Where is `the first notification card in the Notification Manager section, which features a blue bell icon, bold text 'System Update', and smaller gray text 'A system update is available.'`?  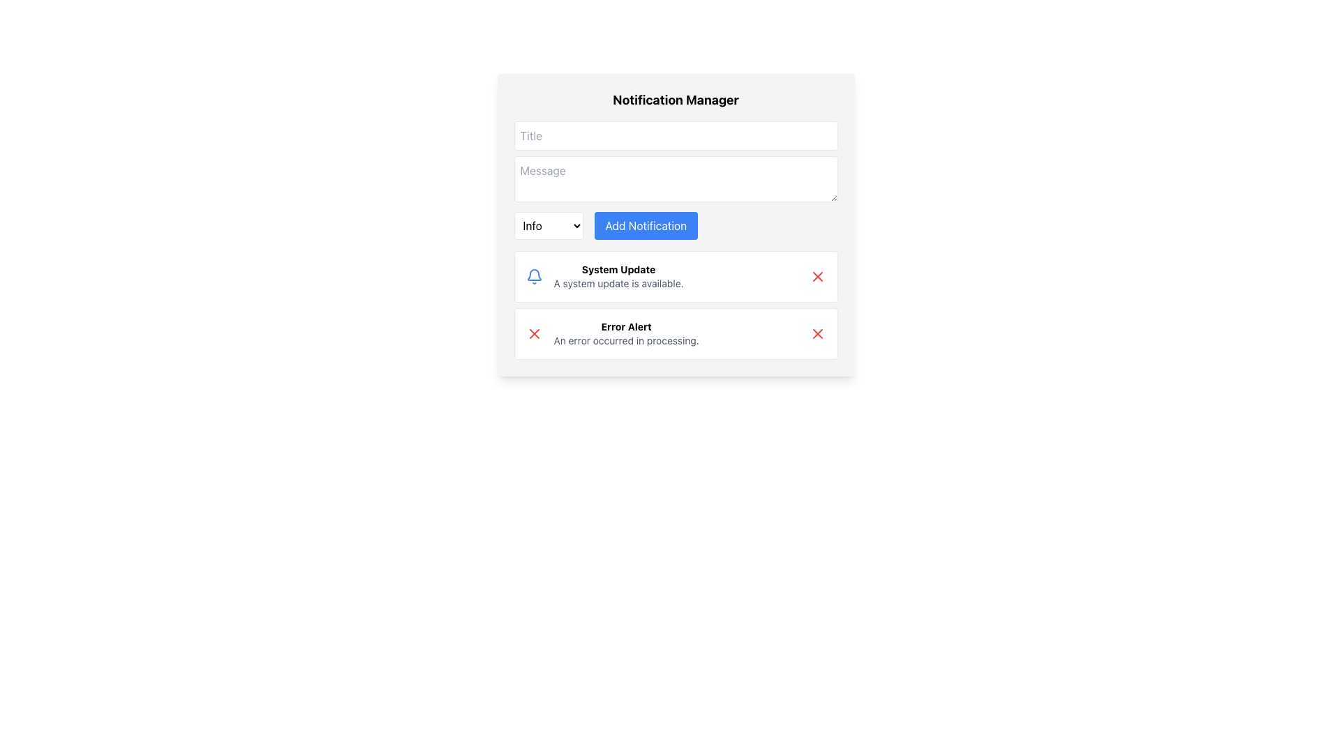
the first notification card in the Notification Manager section, which features a blue bell icon, bold text 'System Update', and smaller gray text 'A system update is available.' is located at coordinates (604, 277).